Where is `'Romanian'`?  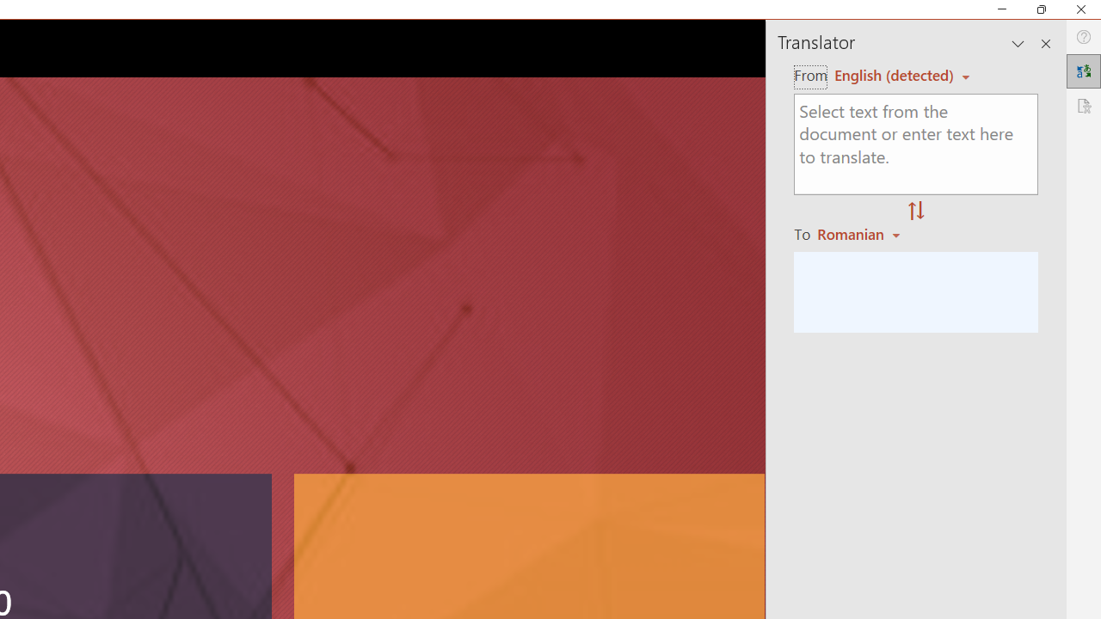
'Romanian' is located at coordinates (861, 234).